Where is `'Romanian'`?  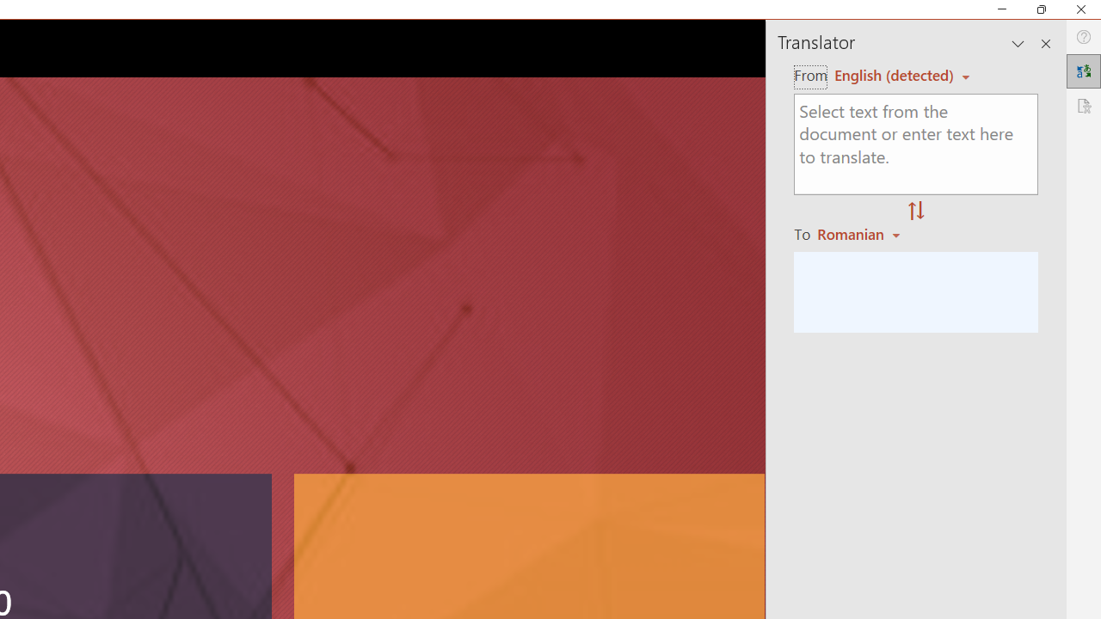
'Romanian' is located at coordinates (861, 234).